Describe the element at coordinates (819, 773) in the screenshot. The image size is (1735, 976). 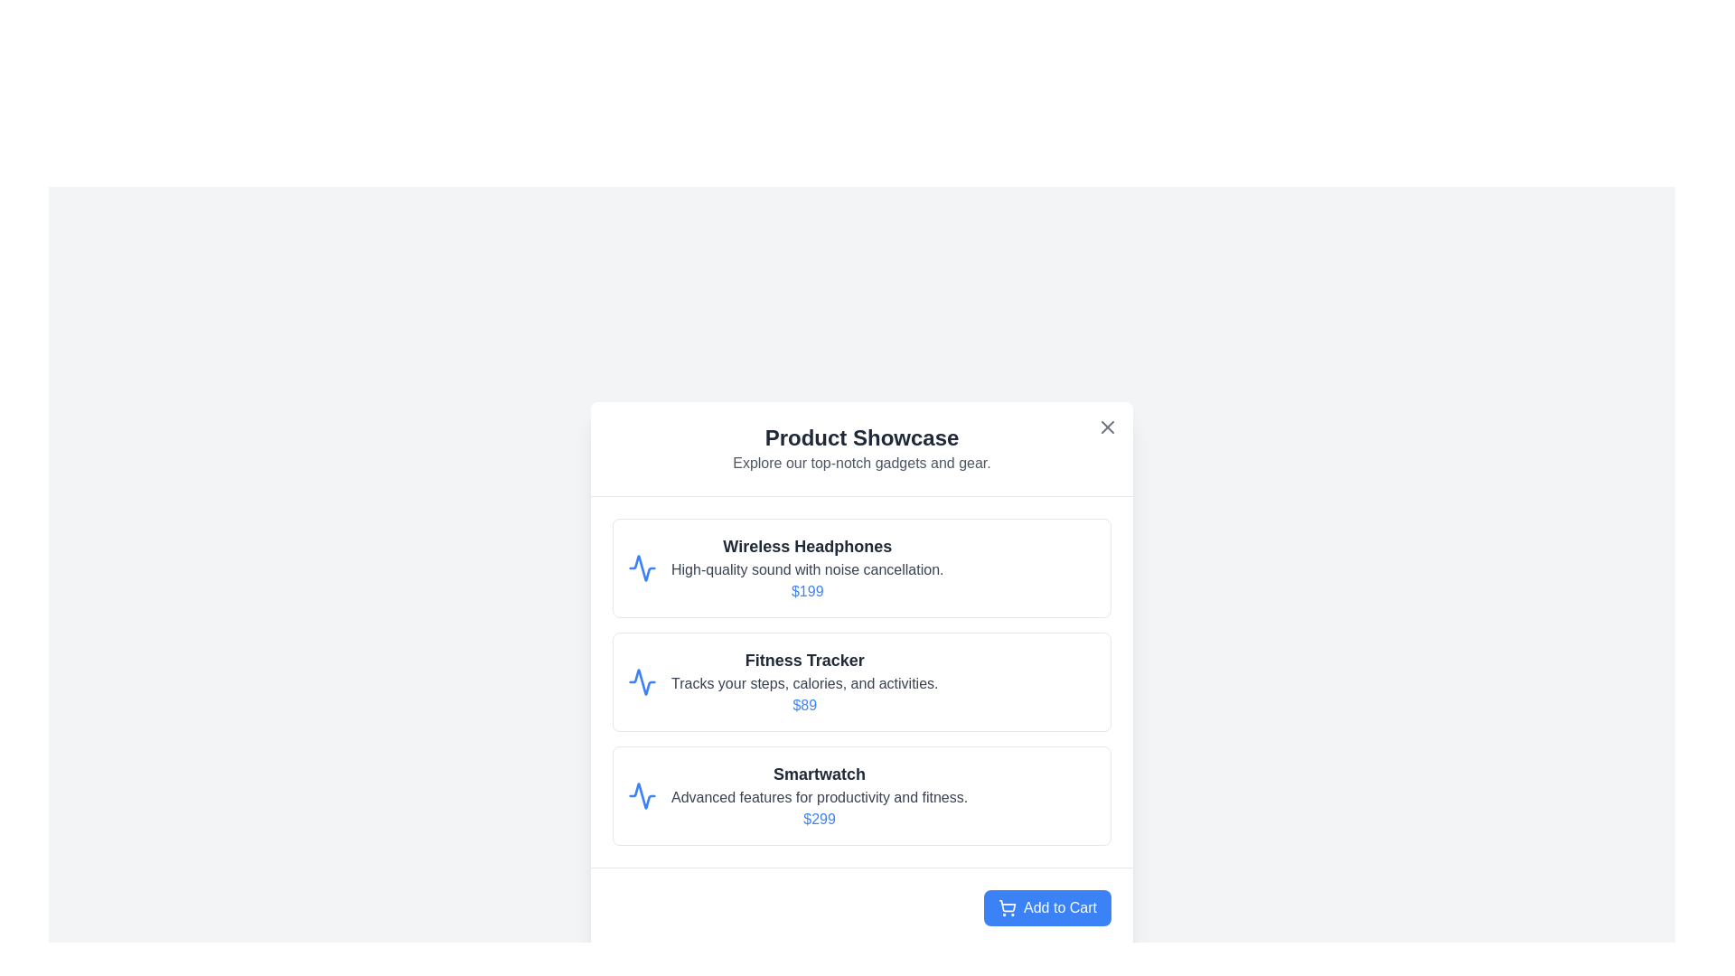
I see `the 'Smartwatch' text label, which is styled in a prominent font, larger size, and bold weight, located in the third item of a vertically stacked list` at that location.